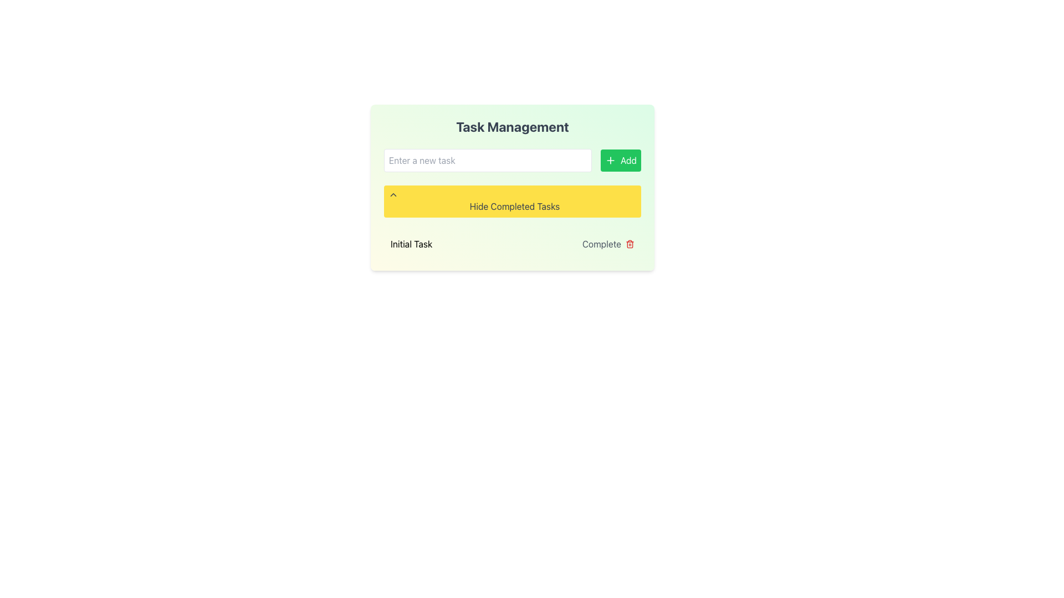 This screenshot has width=1064, height=598. What do you see at coordinates (393, 194) in the screenshot?
I see `the chevron icon located to the left of the 'Hide Completed Tasks' button` at bounding box center [393, 194].